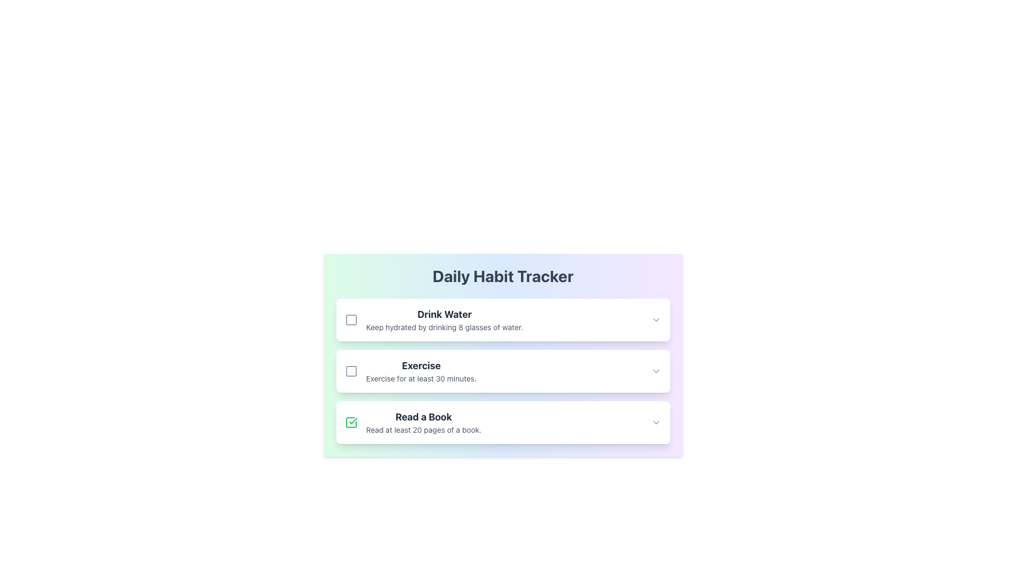 The height and width of the screenshot is (577, 1027). Describe the element at coordinates (420, 365) in the screenshot. I see `the text component displaying 'Exercise' in bold, large font within the habit tracking application card` at that location.